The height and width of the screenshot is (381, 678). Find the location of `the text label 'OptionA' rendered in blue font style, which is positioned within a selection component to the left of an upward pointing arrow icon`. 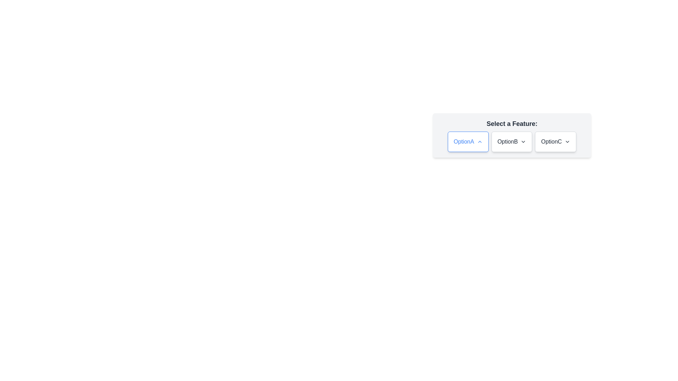

the text label 'OptionA' rendered in blue font style, which is positioned within a selection component to the left of an upward pointing arrow icon is located at coordinates (464, 141).